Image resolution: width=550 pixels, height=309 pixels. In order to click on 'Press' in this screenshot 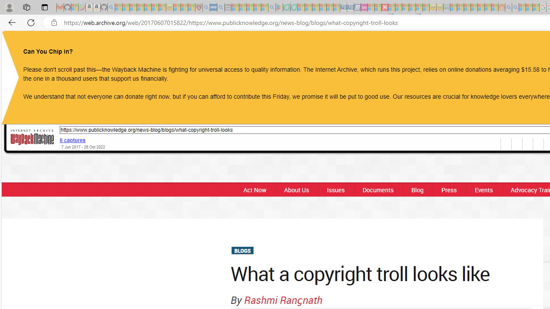, I will do `click(449, 189)`.